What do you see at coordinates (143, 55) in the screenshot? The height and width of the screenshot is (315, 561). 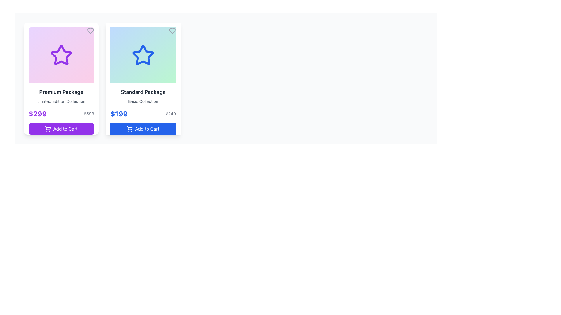 I see `the blue-colored star outline icon located at the top of the 'Standard Package' card` at bounding box center [143, 55].